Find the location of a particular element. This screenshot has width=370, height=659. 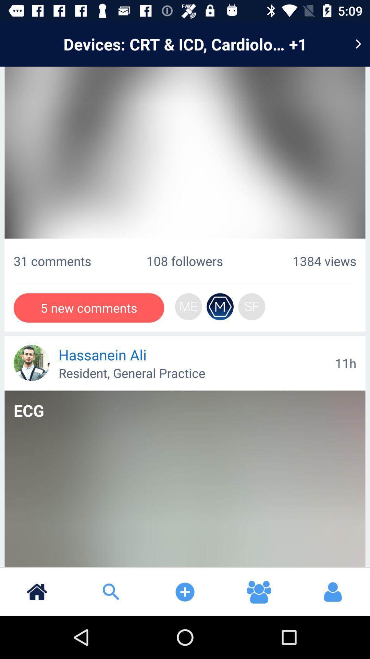

the arrow_forward icon is located at coordinates (358, 44).